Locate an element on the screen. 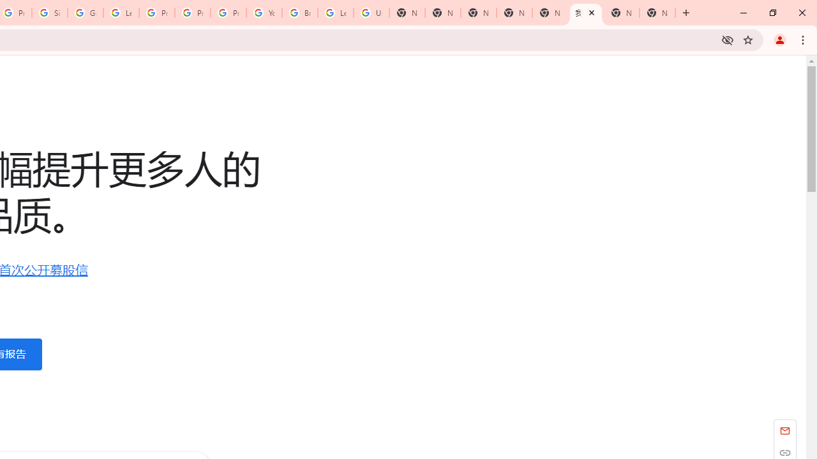 The height and width of the screenshot is (459, 817). 'New Tab' is located at coordinates (657, 13).